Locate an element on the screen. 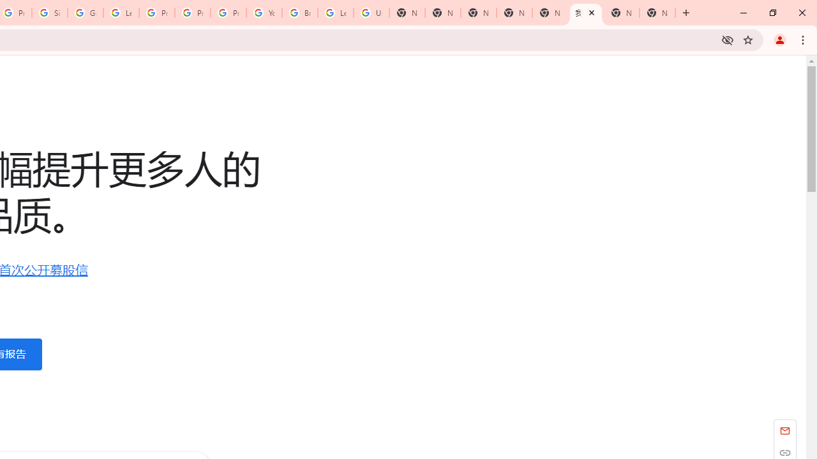 The height and width of the screenshot is (459, 817). 'New Tab' is located at coordinates (657, 13).